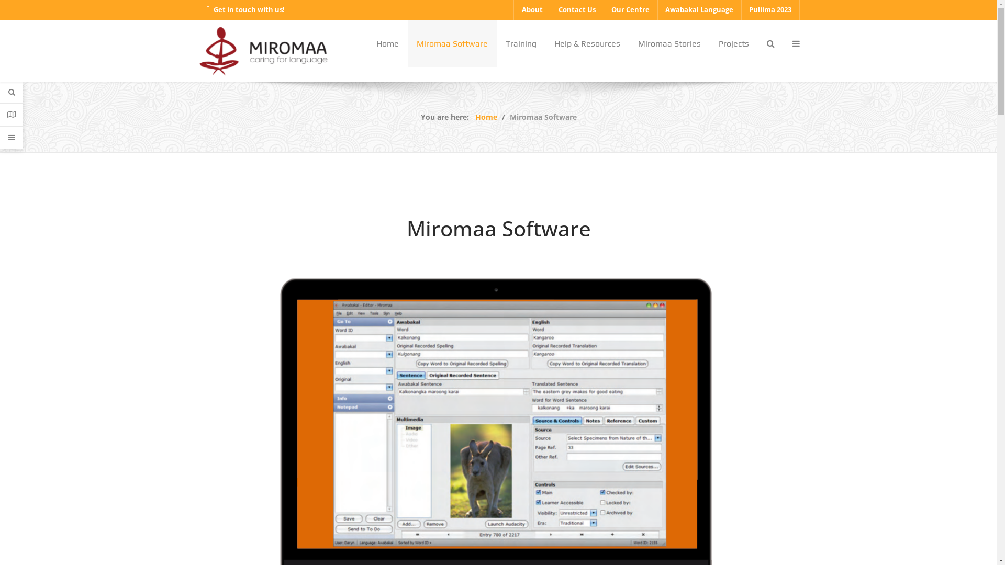 This screenshot has width=1005, height=565. Describe the element at coordinates (520, 43) in the screenshot. I see `'Training'` at that location.